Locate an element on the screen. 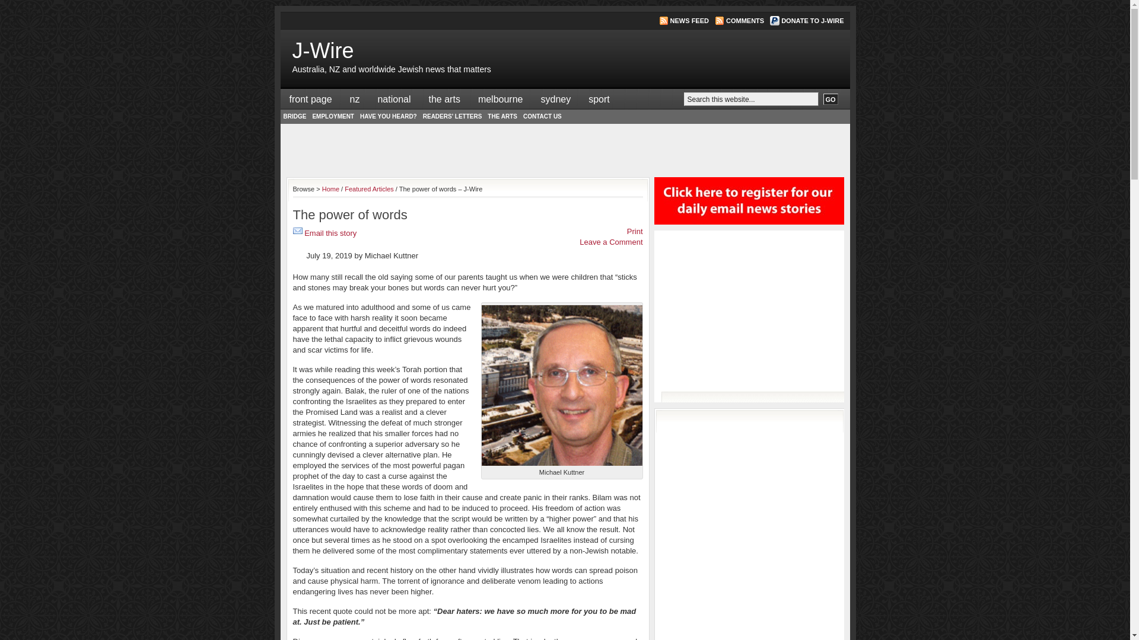 This screenshot has width=1139, height=640. 'J-Wire' is located at coordinates (322, 50).